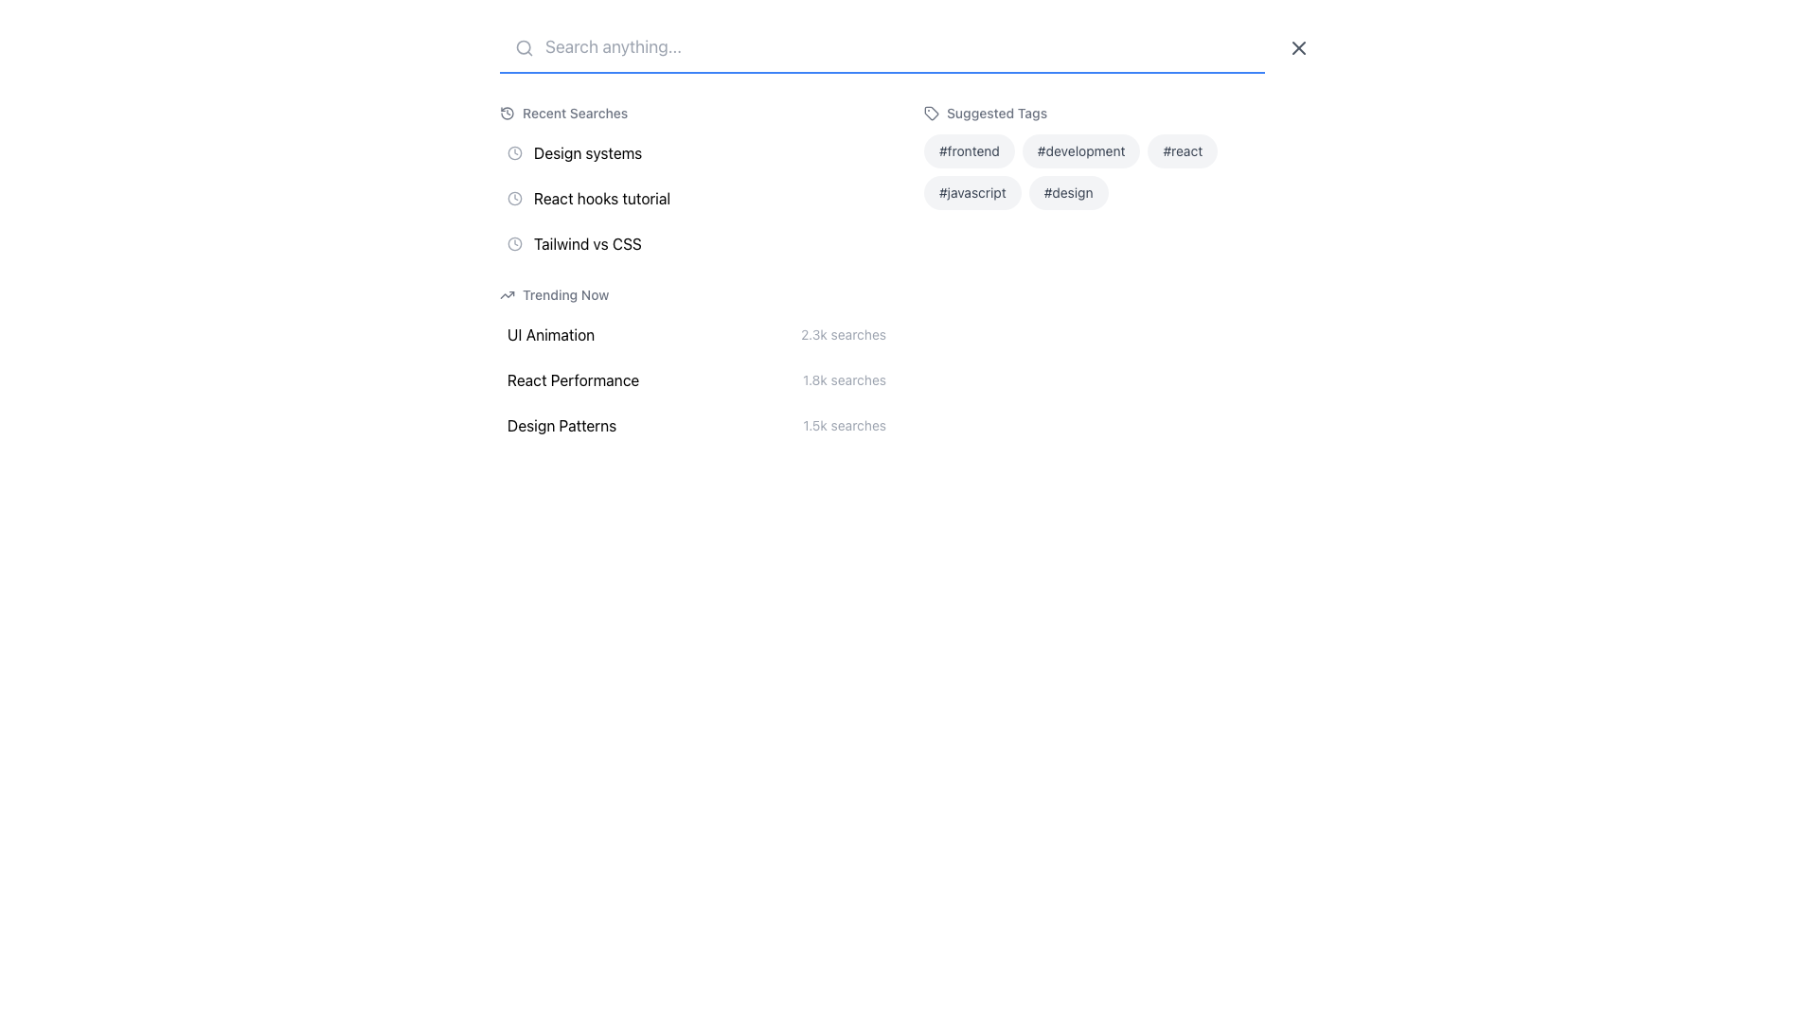 The width and height of the screenshot is (1818, 1022). I want to click on the first clickable tag labeled 'frontend' in the 'Suggested Tags' section for keyboard navigation, so click(969, 150).